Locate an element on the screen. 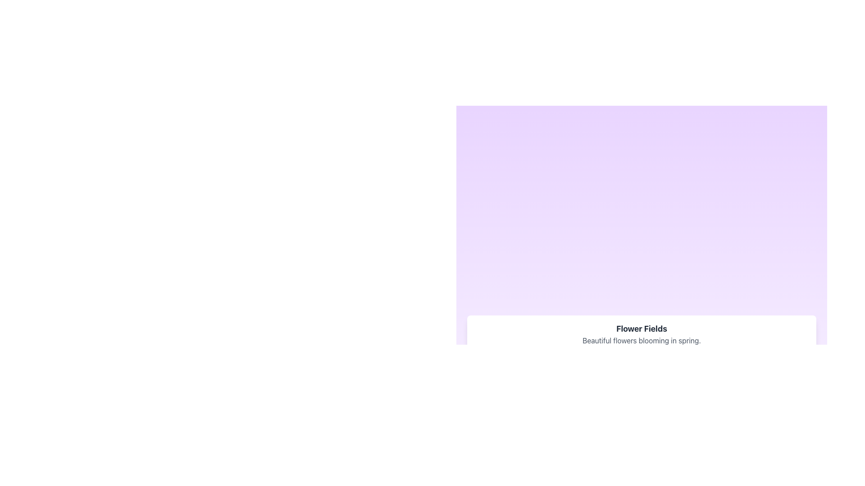 Image resolution: width=865 pixels, height=486 pixels. the circular zoom-in button located at the top right of the description section to zoom in the content is located at coordinates (800, 315).